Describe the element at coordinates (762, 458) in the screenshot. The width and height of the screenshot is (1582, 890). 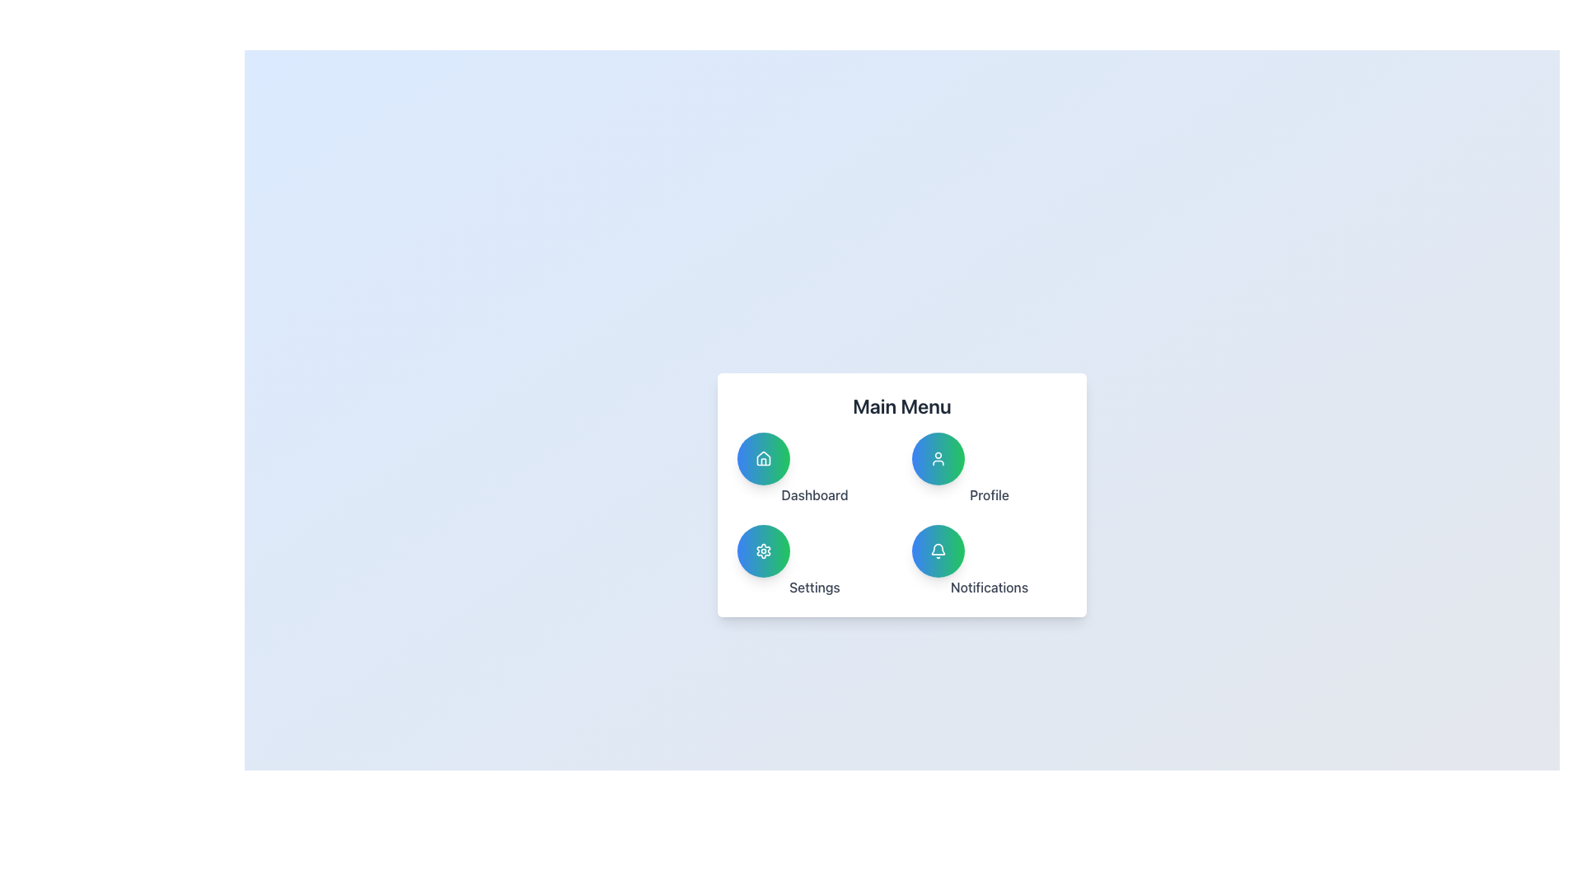
I see `the button located in the top-left corner of the main menu to trigger hover effects` at that location.